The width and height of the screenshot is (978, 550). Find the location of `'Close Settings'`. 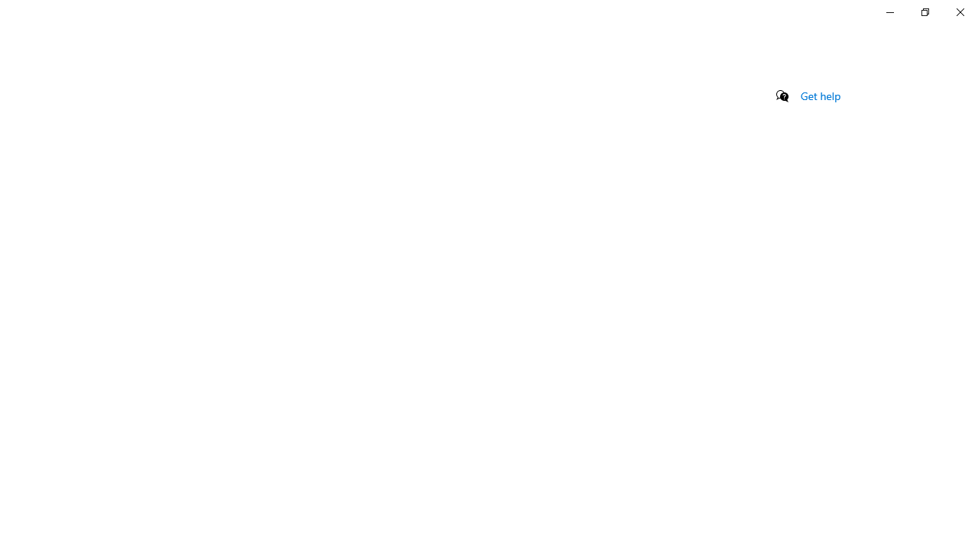

'Close Settings' is located at coordinates (959, 11).